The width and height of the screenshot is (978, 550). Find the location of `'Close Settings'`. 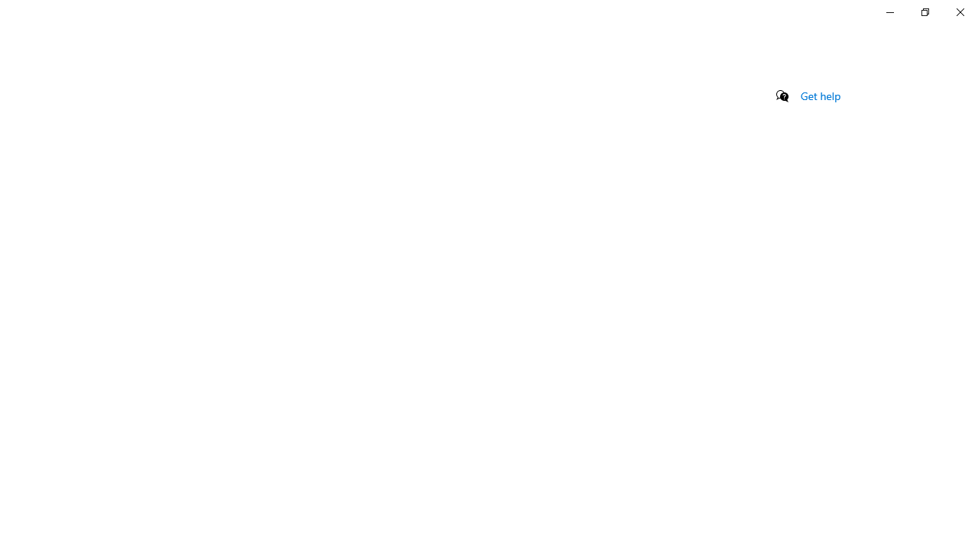

'Close Settings' is located at coordinates (959, 11).